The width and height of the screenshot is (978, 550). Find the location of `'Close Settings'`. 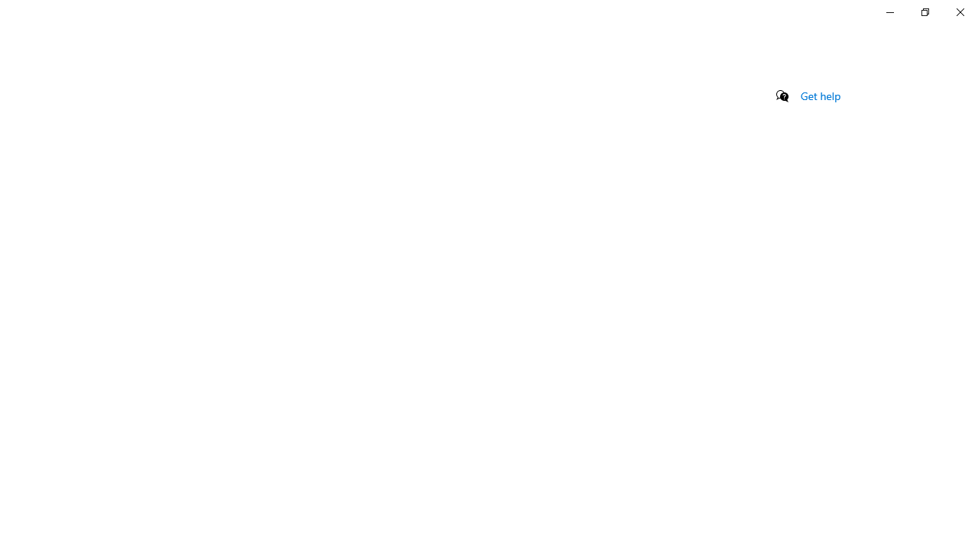

'Close Settings' is located at coordinates (959, 11).